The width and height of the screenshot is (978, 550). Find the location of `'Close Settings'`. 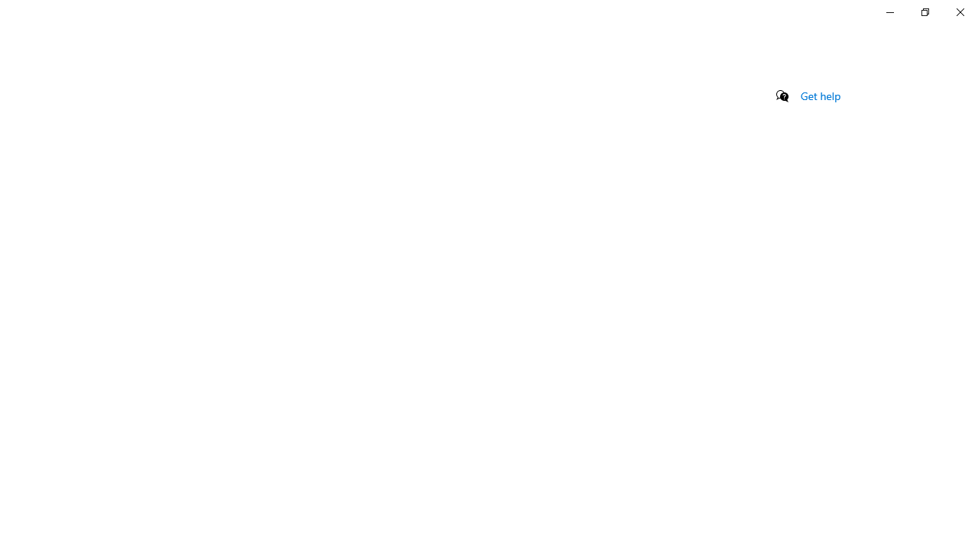

'Close Settings' is located at coordinates (959, 11).